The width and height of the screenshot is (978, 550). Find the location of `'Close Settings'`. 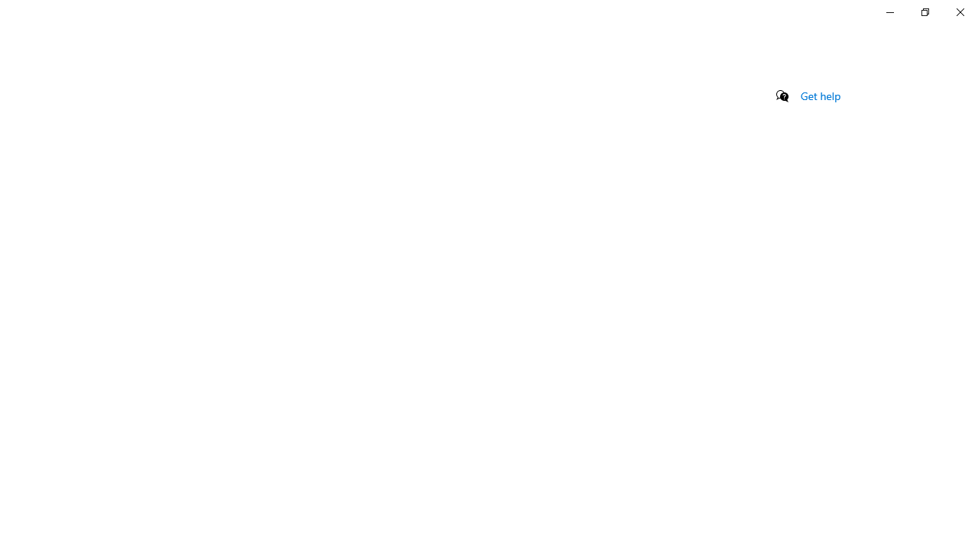

'Close Settings' is located at coordinates (959, 11).